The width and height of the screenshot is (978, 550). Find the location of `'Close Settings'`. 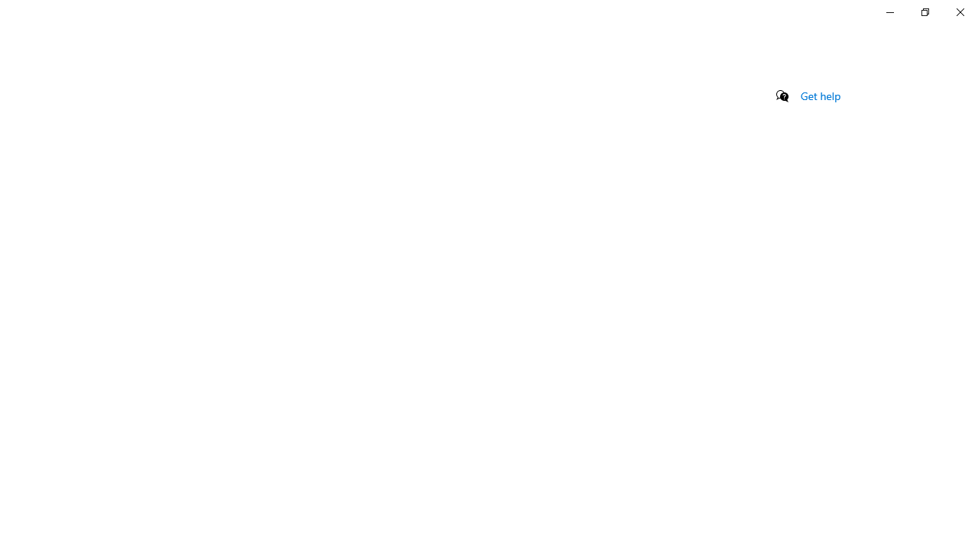

'Close Settings' is located at coordinates (959, 11).